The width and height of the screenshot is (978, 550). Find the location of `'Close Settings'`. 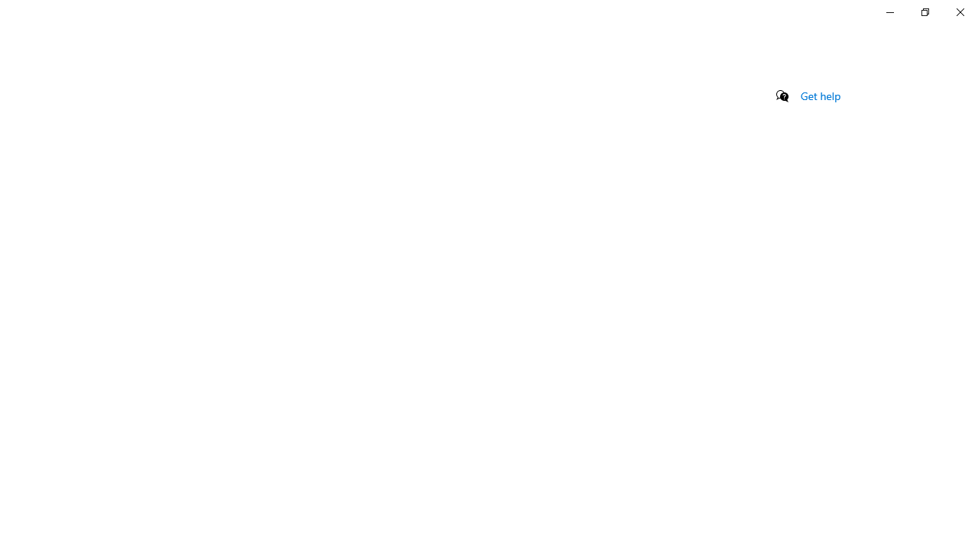

'Close Settings' is located at coordinates (959, 11).